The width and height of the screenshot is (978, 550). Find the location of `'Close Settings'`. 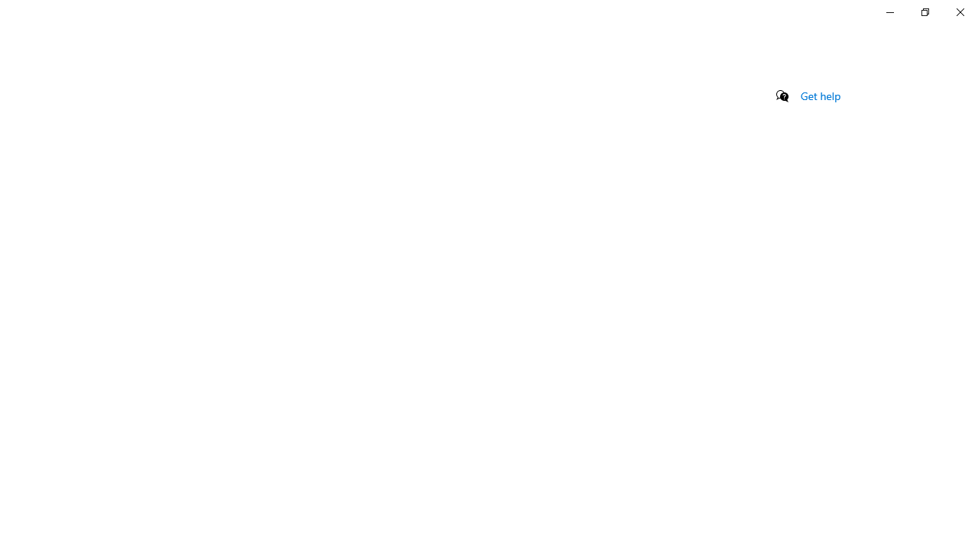

'Close Settings' is located at coordinates (959, 11).